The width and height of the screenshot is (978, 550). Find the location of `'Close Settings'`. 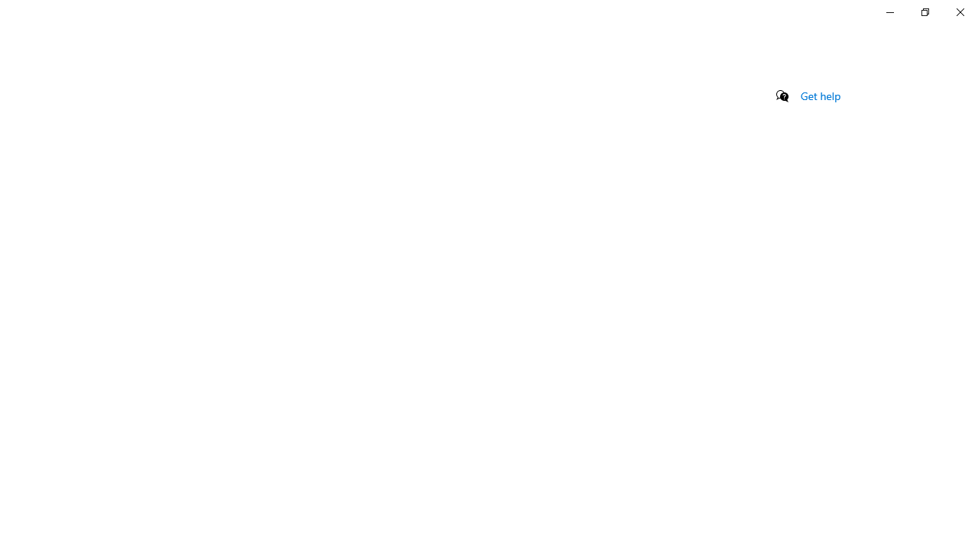

'Close Settings' is located at coordinates (959, 11).